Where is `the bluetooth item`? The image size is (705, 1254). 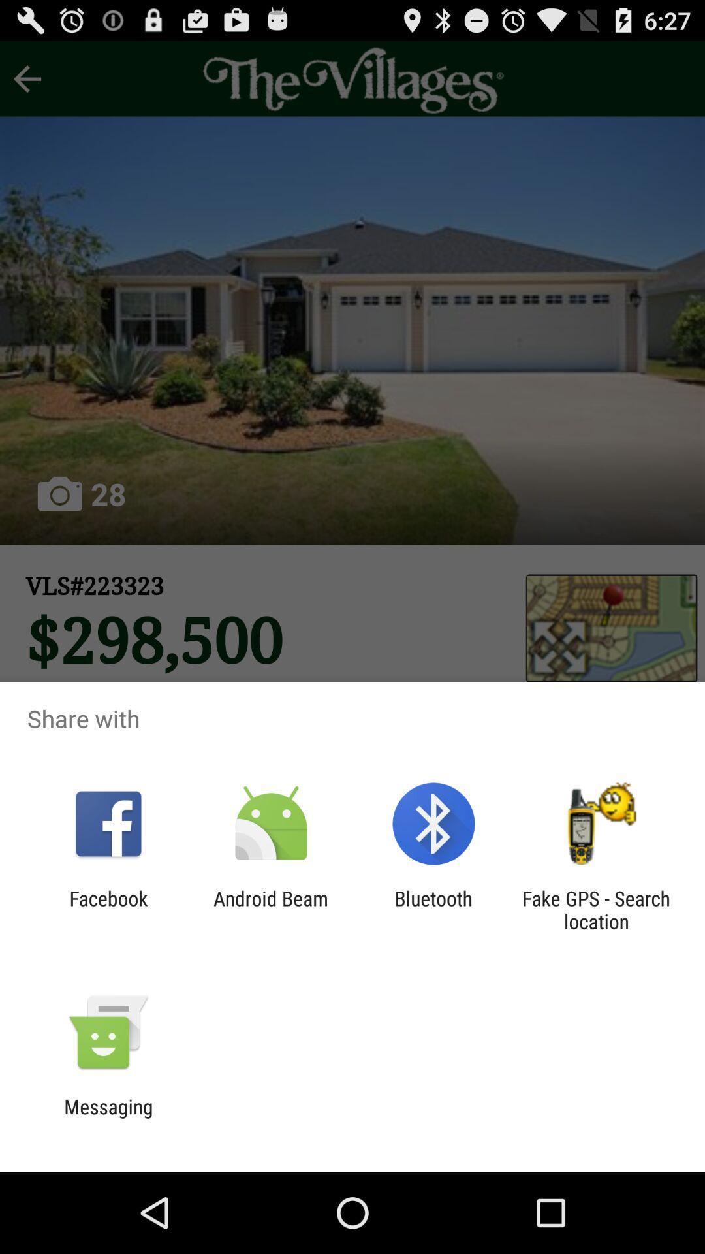 the bluetooth item is located at coordinates (433, 909).